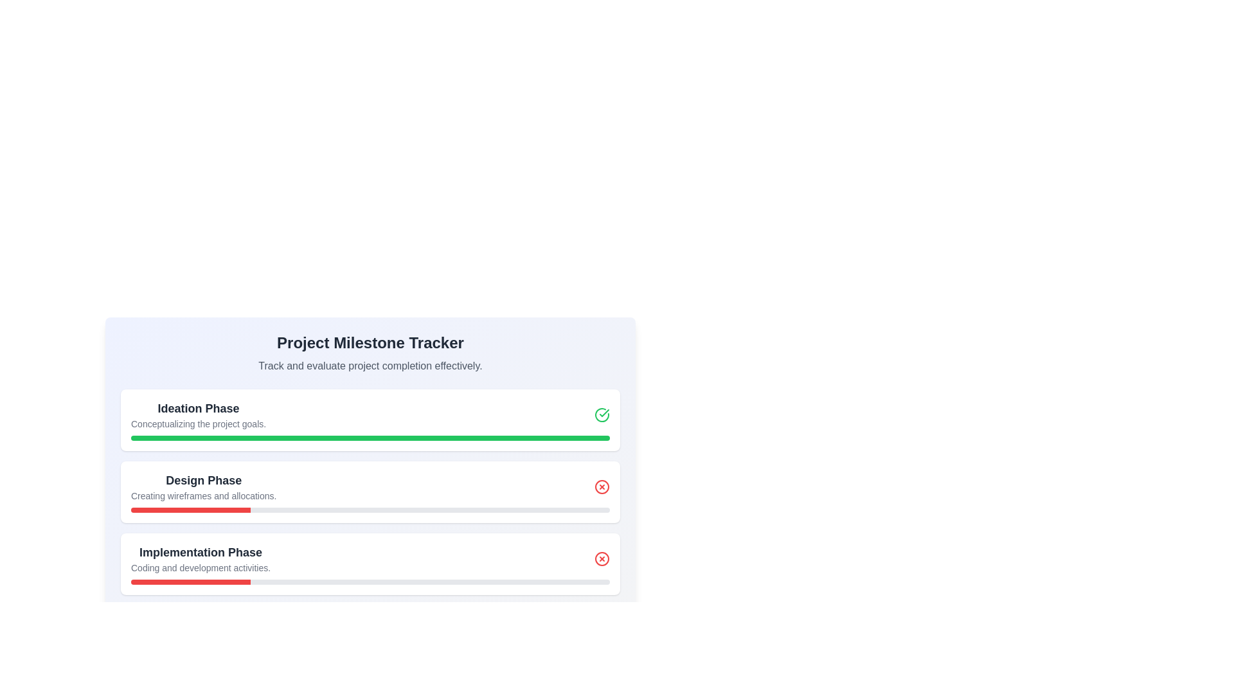 The image size is (1234, 694). Describe the element at coordinates (198, 409) in the screenshot. I see `text content of the header for the 'Ideation Phase' section located at the top of the first card in the project phases list` at that location.